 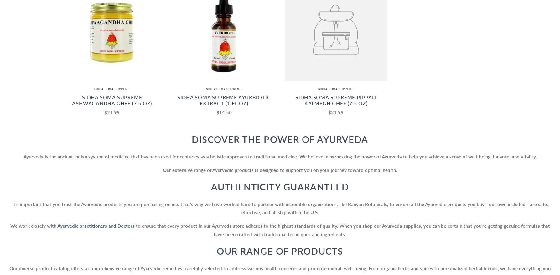 I want to click on 'Our Range of Products', so click(x=279, y=250).